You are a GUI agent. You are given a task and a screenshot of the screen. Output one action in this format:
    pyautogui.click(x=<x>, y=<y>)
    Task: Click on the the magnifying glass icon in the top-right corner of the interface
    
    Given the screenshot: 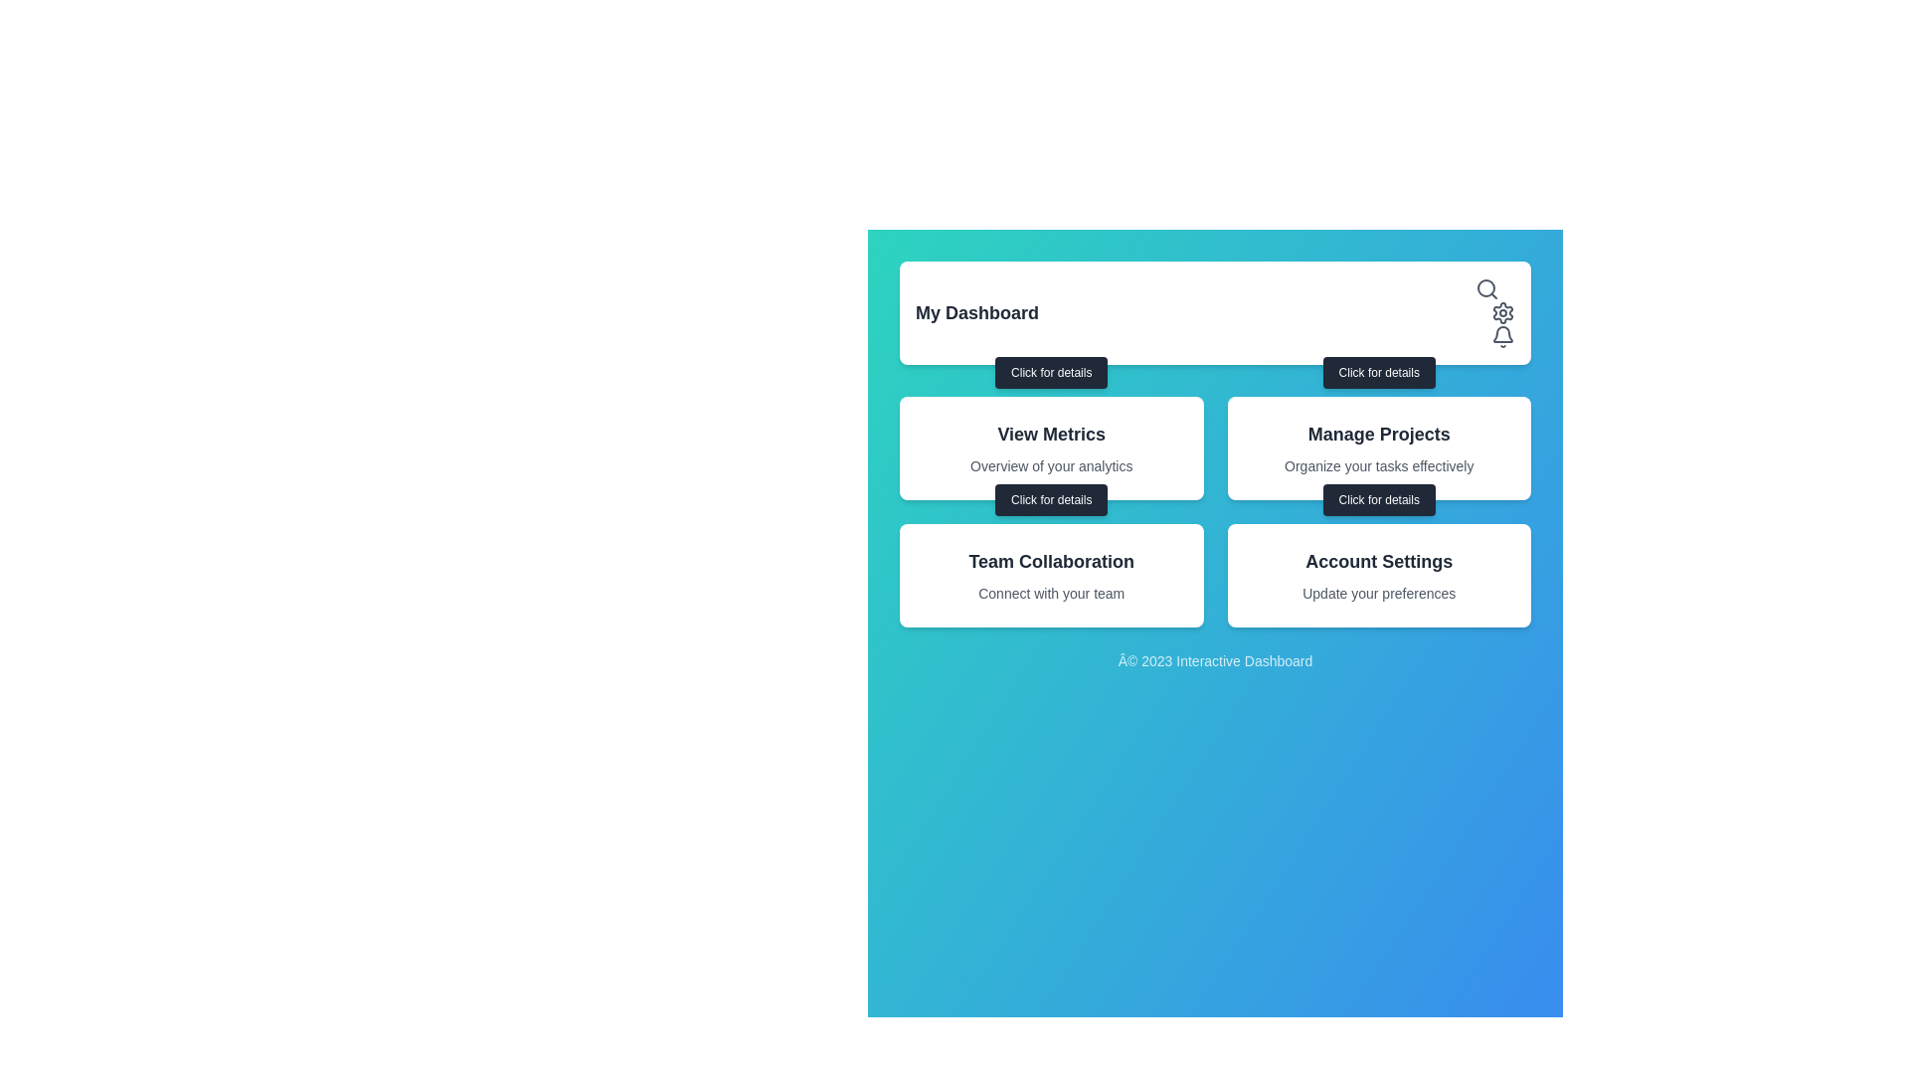 What is the action you would take?
    pyautogui.click(x=1487, y=288)
    